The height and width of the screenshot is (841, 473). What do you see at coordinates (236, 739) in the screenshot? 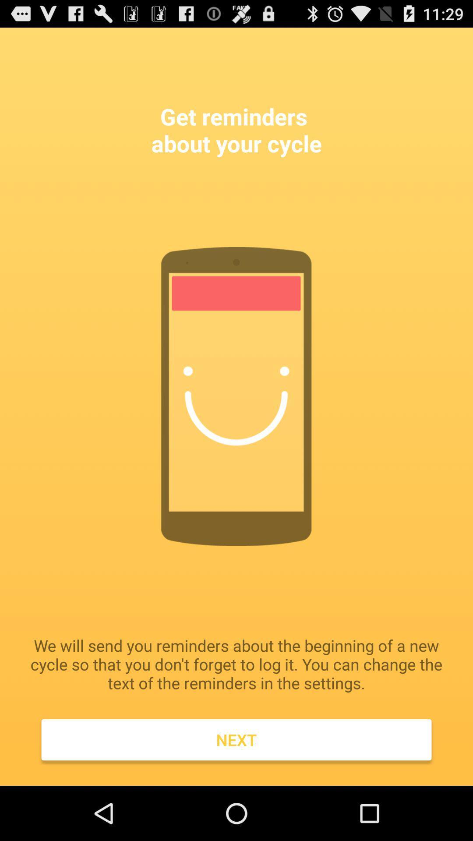
I see `next icon` at bounding box center [236, 739].